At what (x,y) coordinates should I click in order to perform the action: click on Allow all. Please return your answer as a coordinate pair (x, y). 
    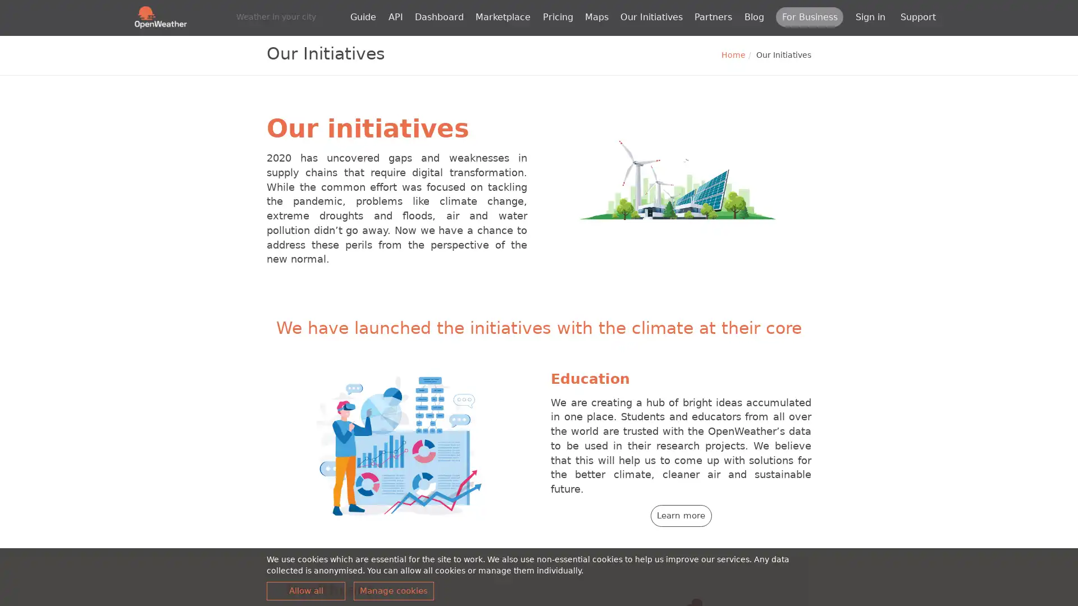
    Looking at the image, I should click on (306, 590).